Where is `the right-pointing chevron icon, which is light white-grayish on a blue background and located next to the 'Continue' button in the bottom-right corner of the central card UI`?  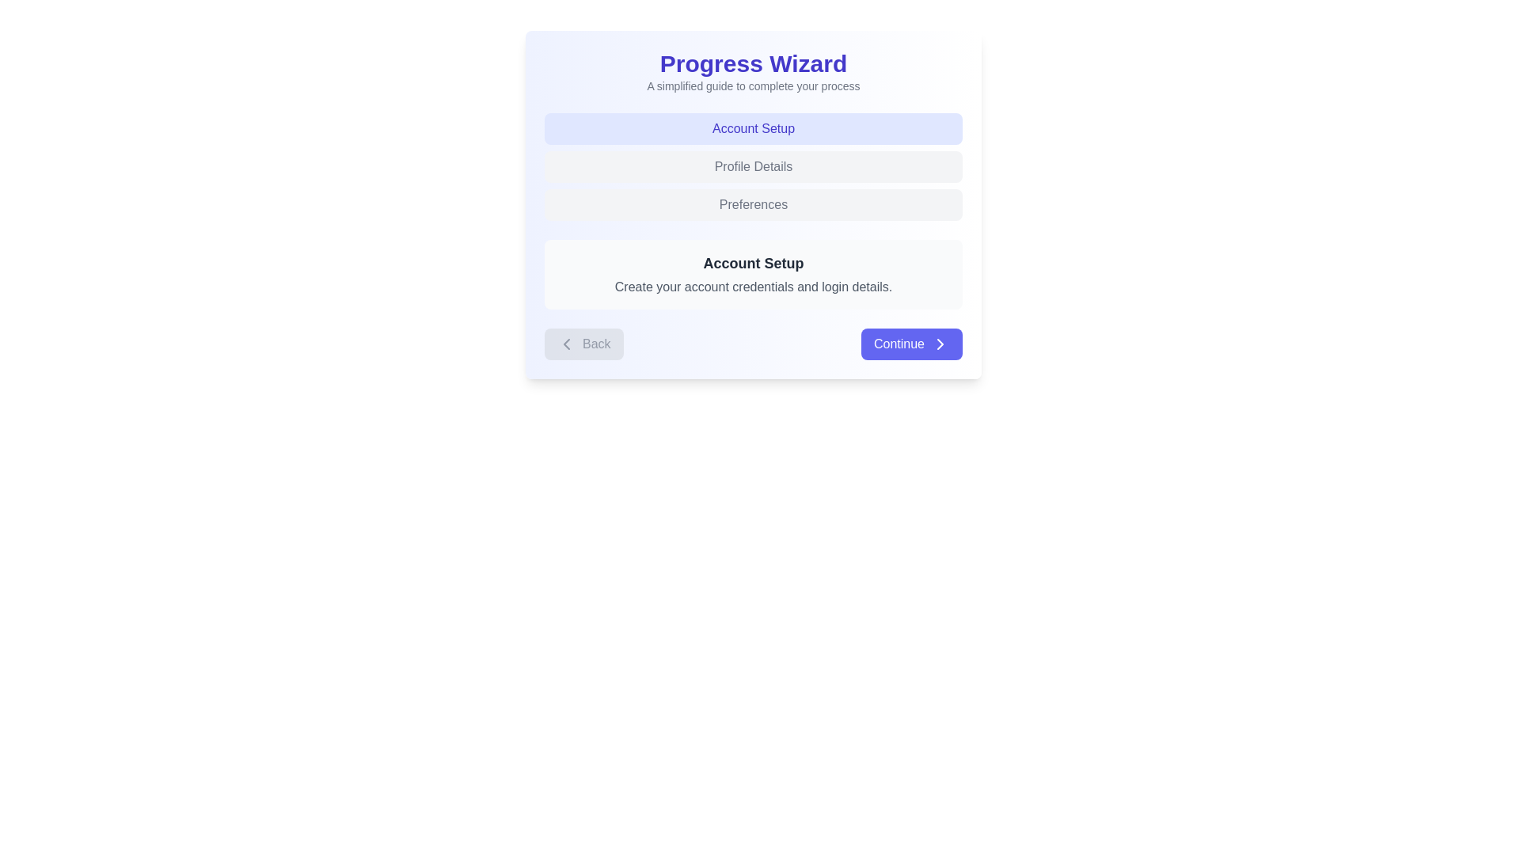 the right-pointing chevron icon, which is light white-grayish on a blue background and located next to the 'Continue' button in the bottom-right corner of the central card UI is located at coordinates (940, 344).